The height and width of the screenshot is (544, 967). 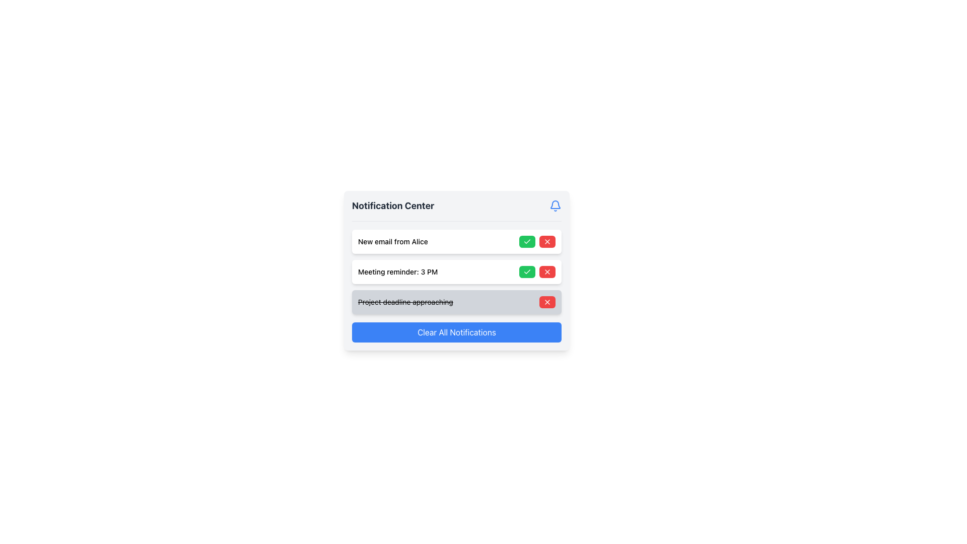 What do you see at coordinates (456, 332) in the screenshot?
I see `the 'Clear All Notifications' button, which is a rectangular button with a blue background and white text, located at the bottom of the notification panel` at bounding box center [456, 332].